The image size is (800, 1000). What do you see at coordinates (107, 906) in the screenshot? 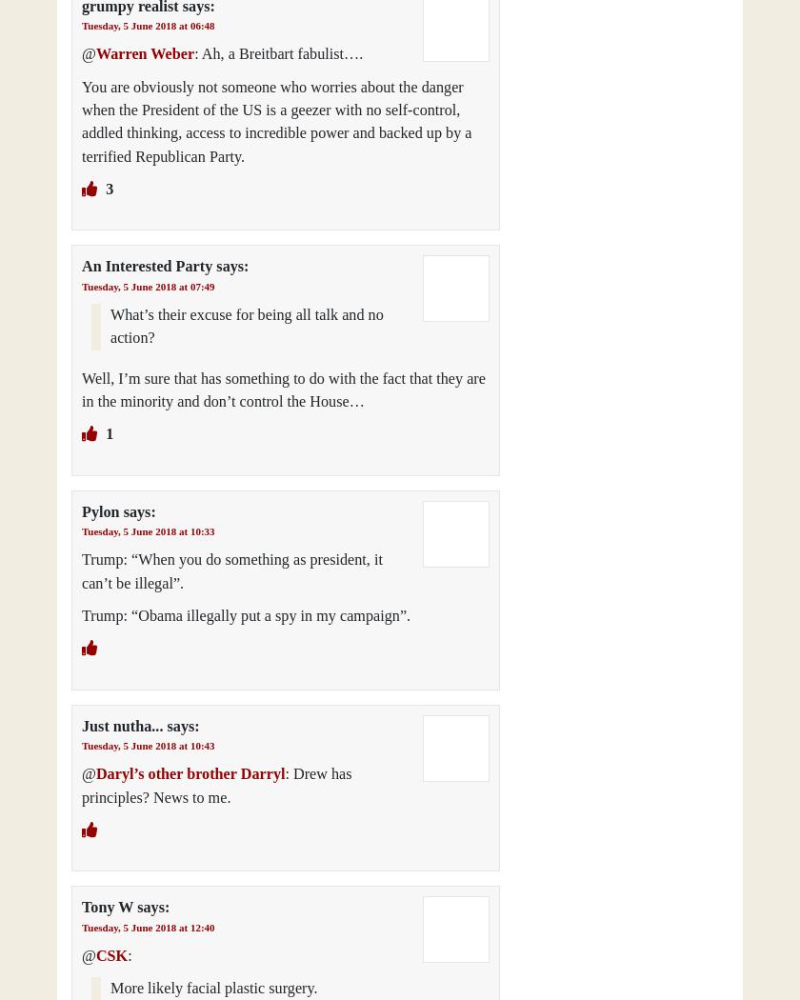
I see `'Tony W'` at bounding box center [107, 906].